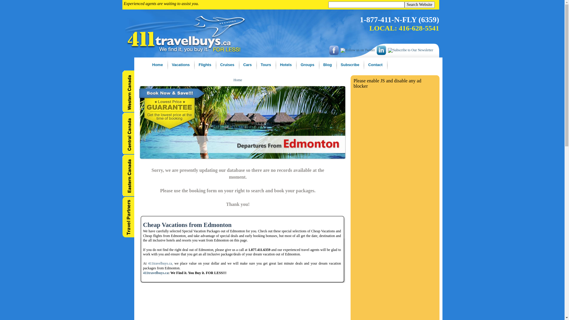 The image size is (569, 320). Describe the element at coordinates (181, 65) in the screenshot. I see `'Vacations'` at that location.